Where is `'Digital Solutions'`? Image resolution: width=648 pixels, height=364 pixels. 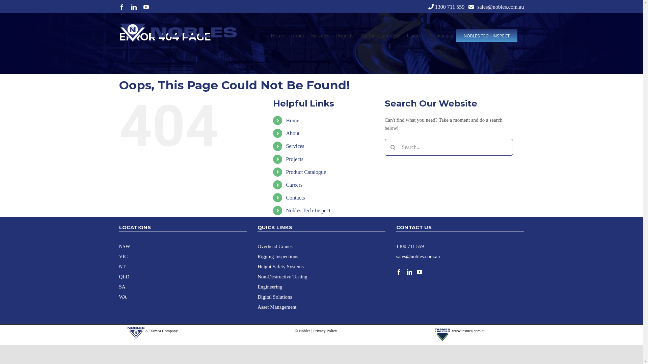
'Digital Solutions' is located at coordinates (275, 296).